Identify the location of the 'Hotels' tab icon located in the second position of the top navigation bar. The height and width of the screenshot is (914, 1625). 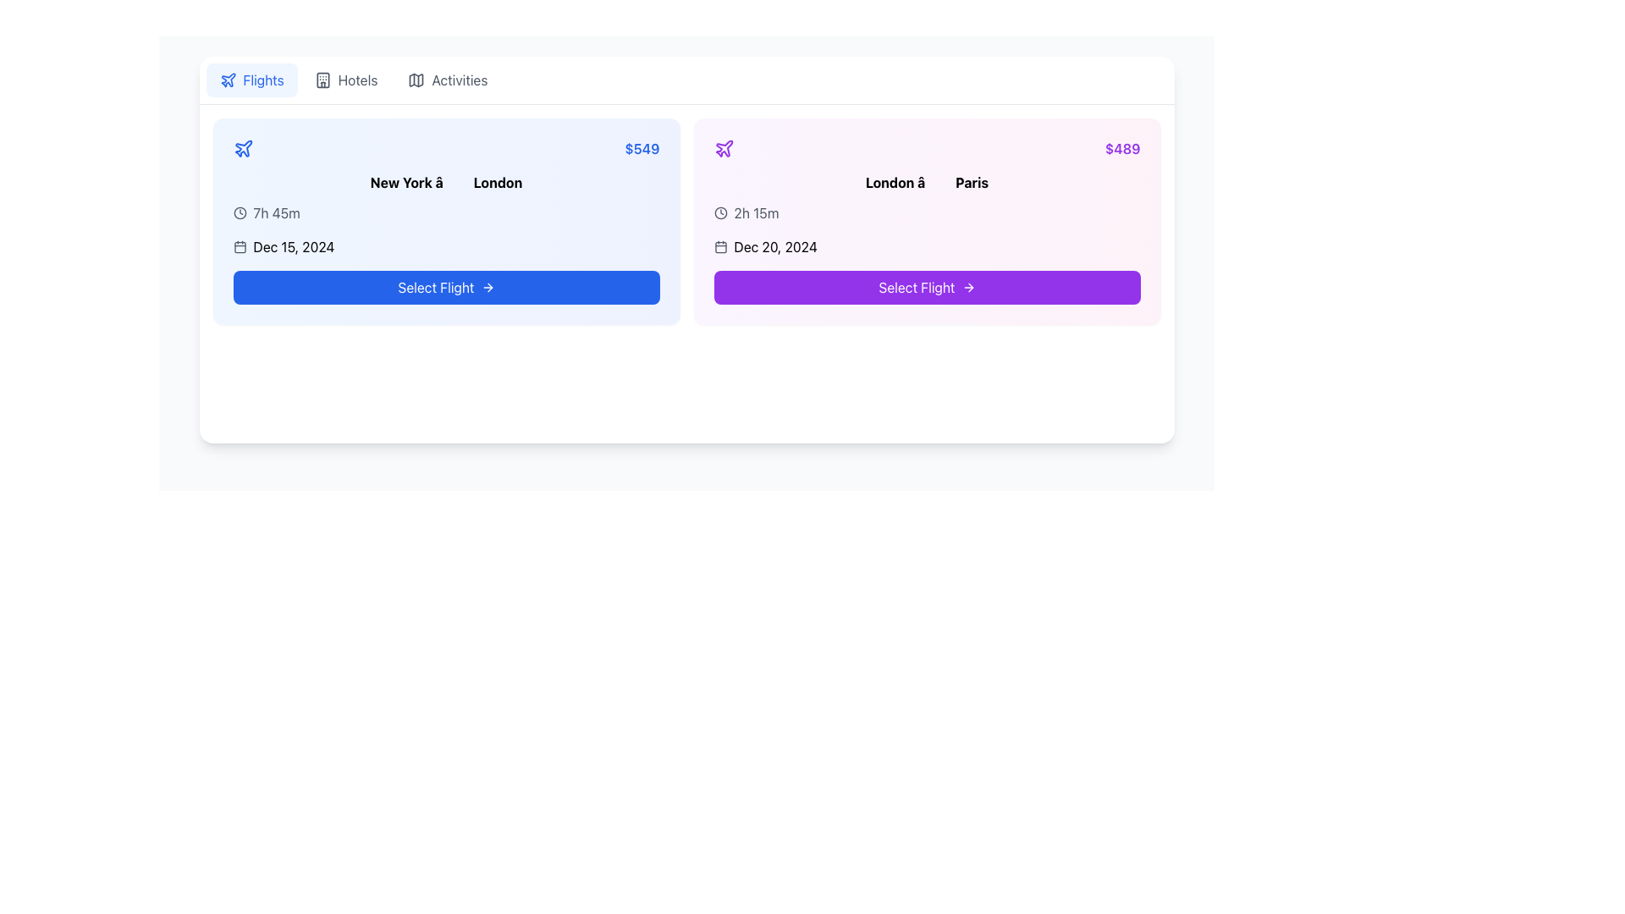
(322, 80).